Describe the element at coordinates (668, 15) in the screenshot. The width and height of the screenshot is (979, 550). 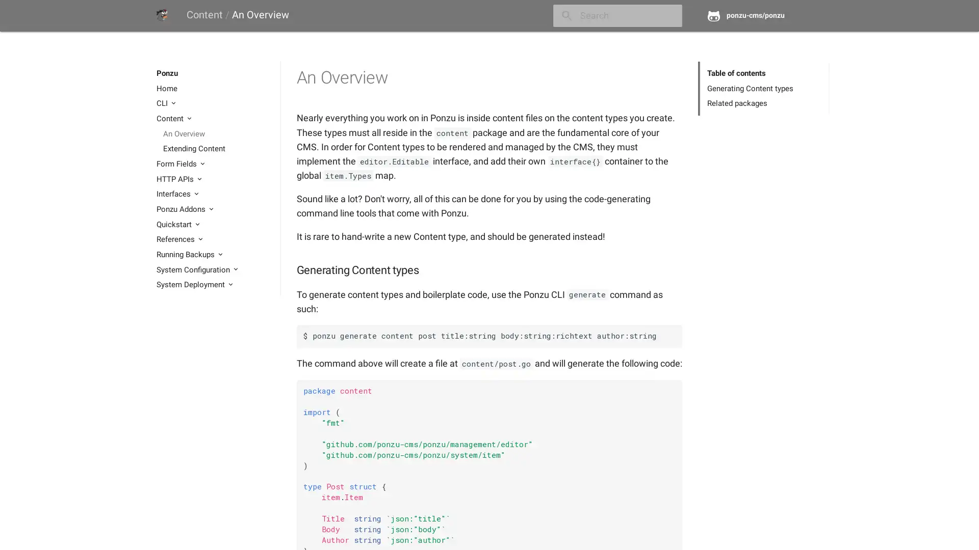
I see `close` at that location.